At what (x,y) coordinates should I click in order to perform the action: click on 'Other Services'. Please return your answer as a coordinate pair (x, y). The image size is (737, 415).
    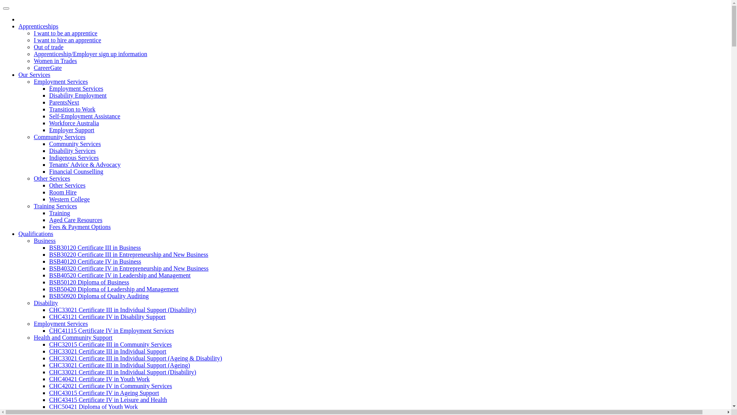
    Looking at the image, I should click on (51, 178).